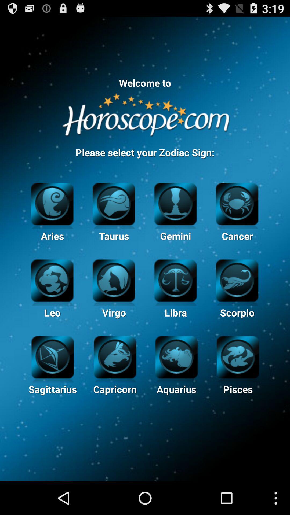 This screenshot has height=515, width=290. What do you see at coordinates (237, 203) in the screenshot?
I see `horoscope select option` at bounding box center [237, 203].